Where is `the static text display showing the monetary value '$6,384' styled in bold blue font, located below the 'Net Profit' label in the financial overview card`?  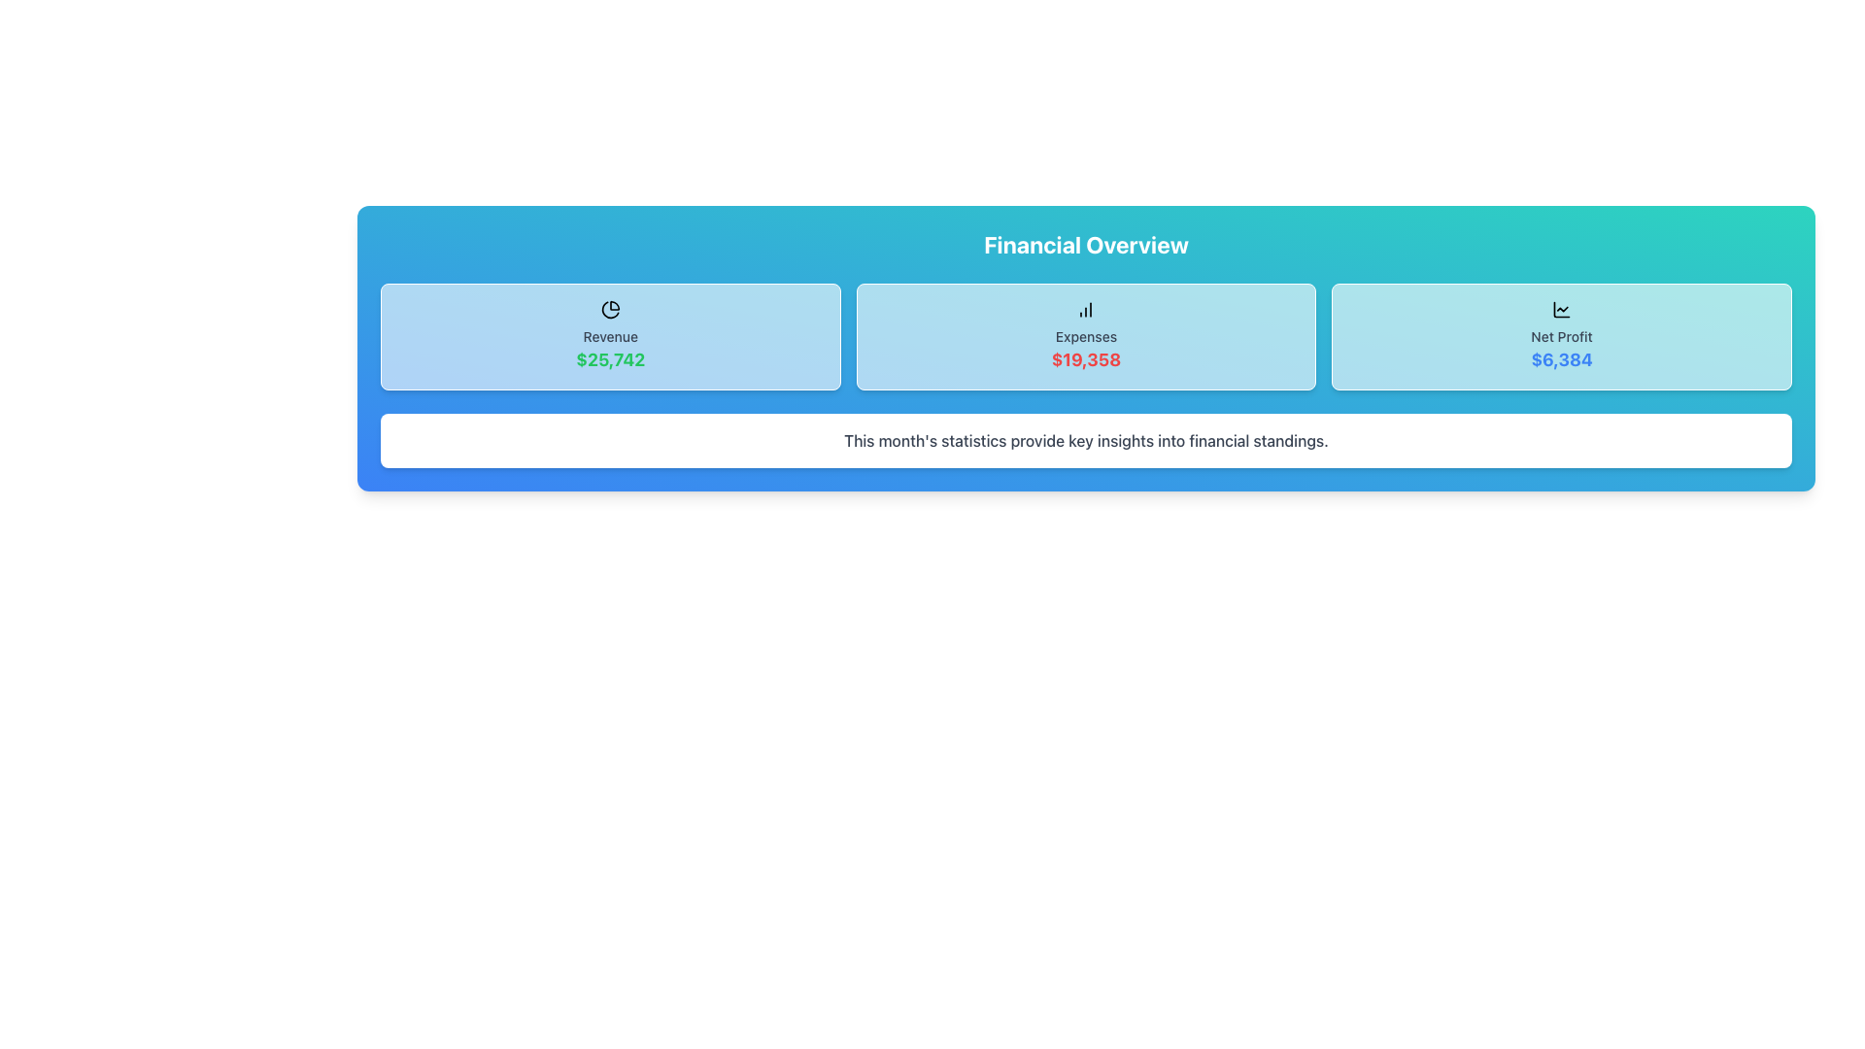 the static text display showing the monetary value '$6,384' styled in bold blue font, located below the 'Net Profit' label in the financial overview card is located at coordinates (1562, 359).